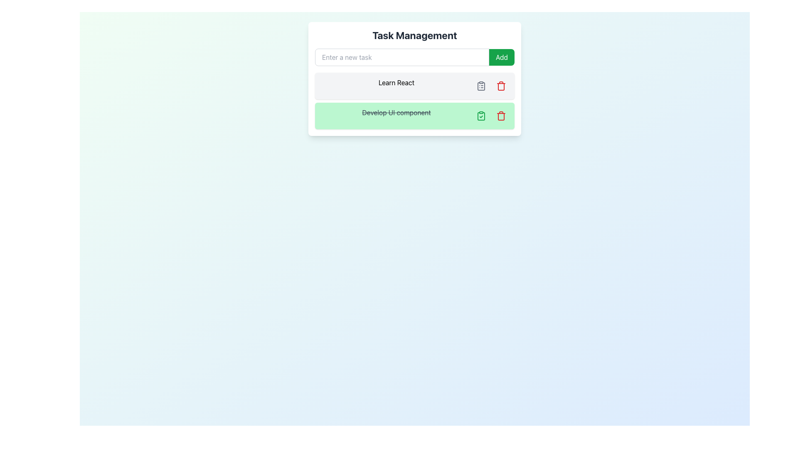  Describe the element at coordinates (481, 86) in the screenshot. I see `the gray clipboard icon inside the rounded clickable button located to the right of the 'Learn React' task row` at that location.